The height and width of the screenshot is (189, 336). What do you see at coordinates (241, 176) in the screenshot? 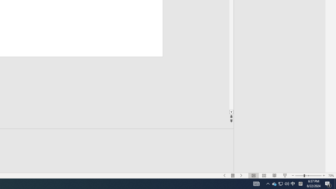
I see `'Slide Show Next On'` at bounding box center [241, 176].